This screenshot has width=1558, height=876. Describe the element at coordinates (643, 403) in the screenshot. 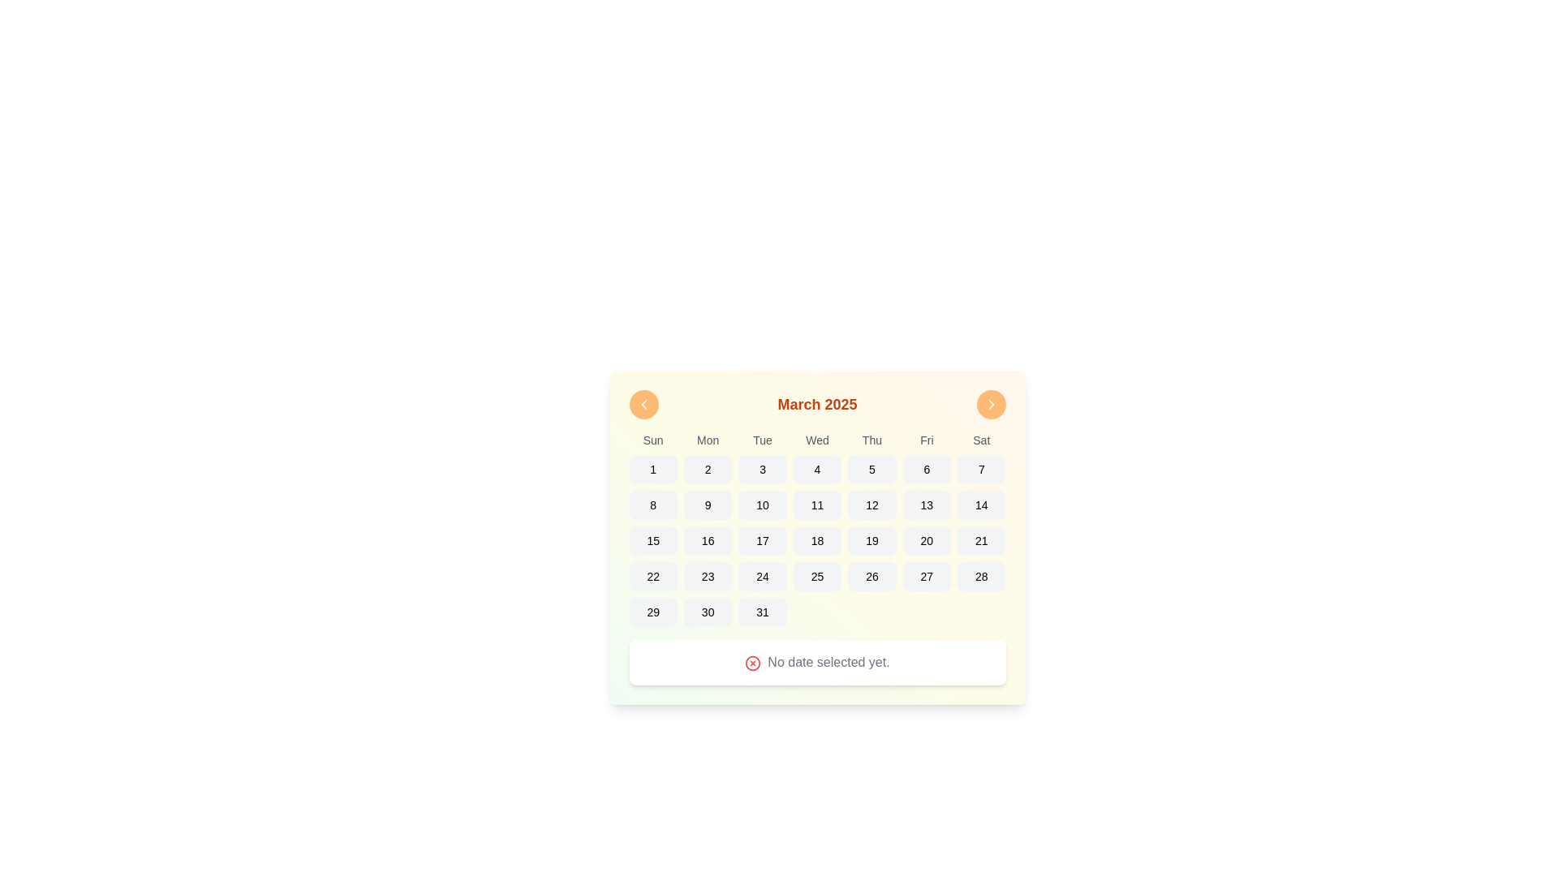

I see `the circular button with an orange background and a white left chevron icon, located just before the text 'March 2025'` at that location.